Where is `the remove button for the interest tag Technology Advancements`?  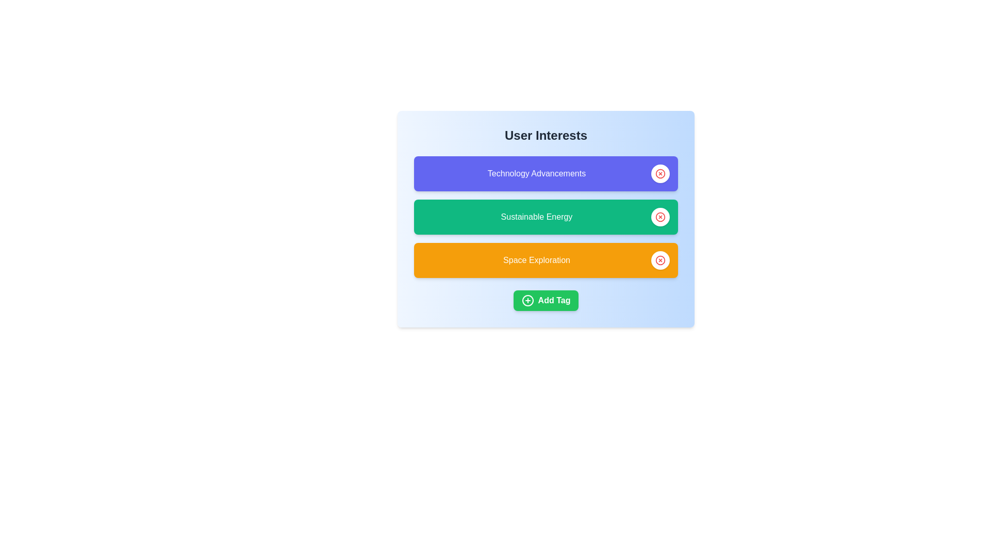
the remove button for the interest tag Technology Advancements is located at coordinates (661, 173).